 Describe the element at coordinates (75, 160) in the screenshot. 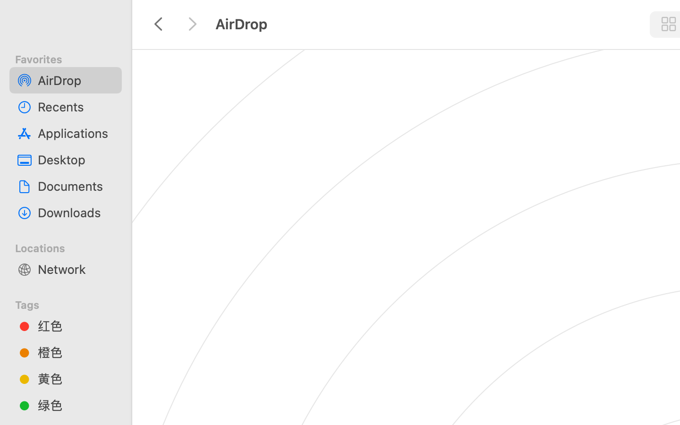

I see `'Desktop'` at that location.